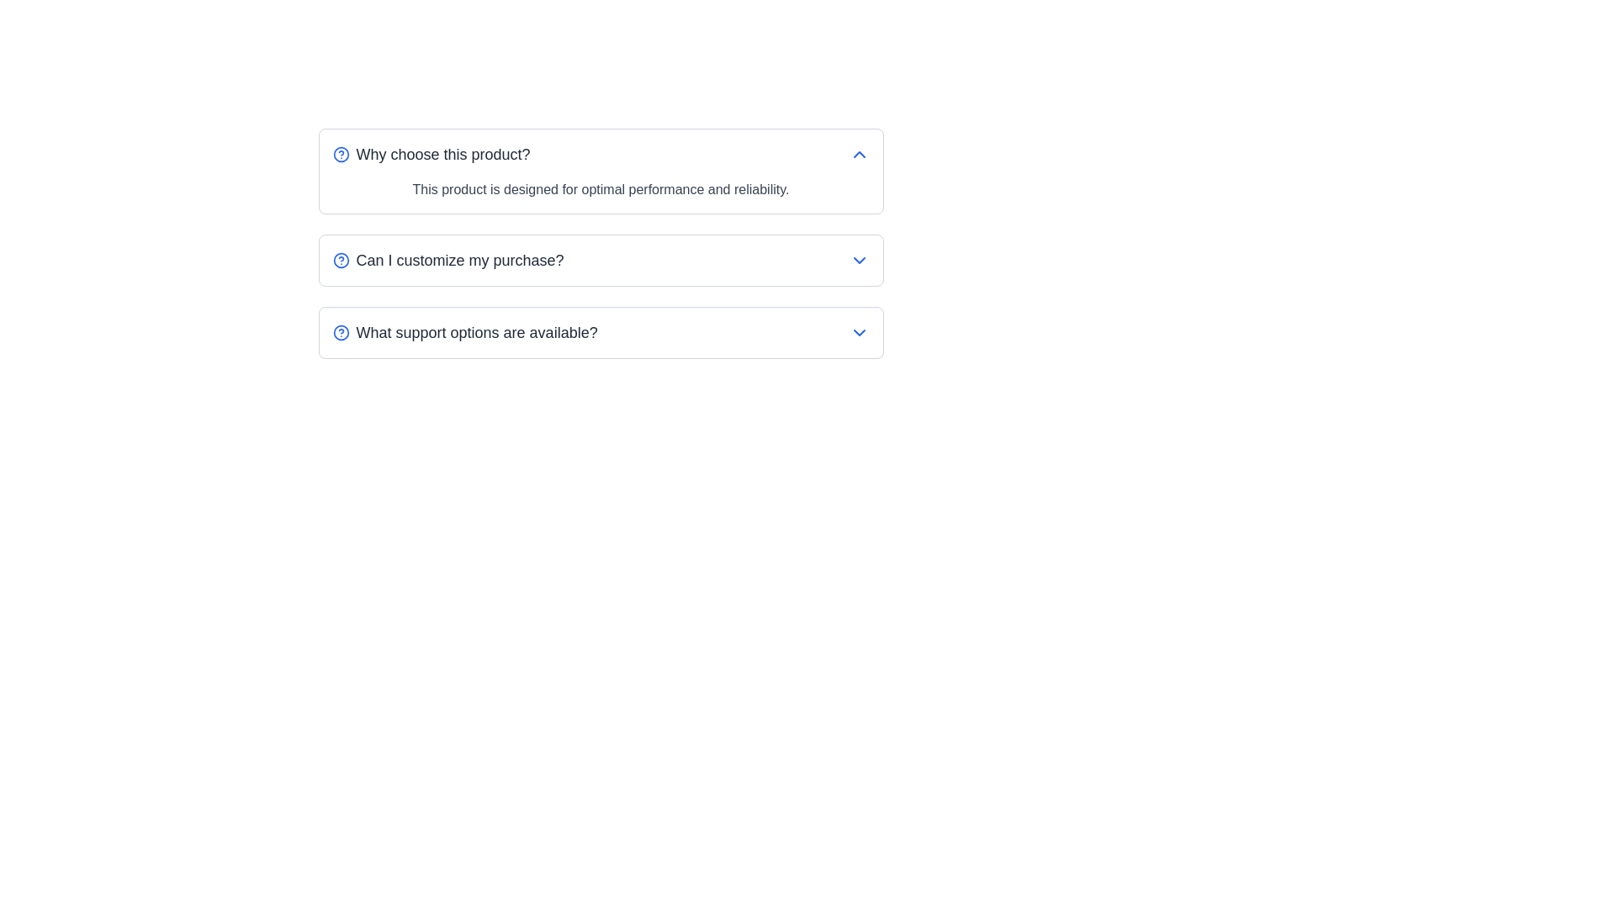 This screenshot has width=1615, height=908. I want to click on the small circular blue icon with a white background and a blue outlined question mark, located at the upper-left corner of the text label 'Why choose this product?', so click(340, 155).